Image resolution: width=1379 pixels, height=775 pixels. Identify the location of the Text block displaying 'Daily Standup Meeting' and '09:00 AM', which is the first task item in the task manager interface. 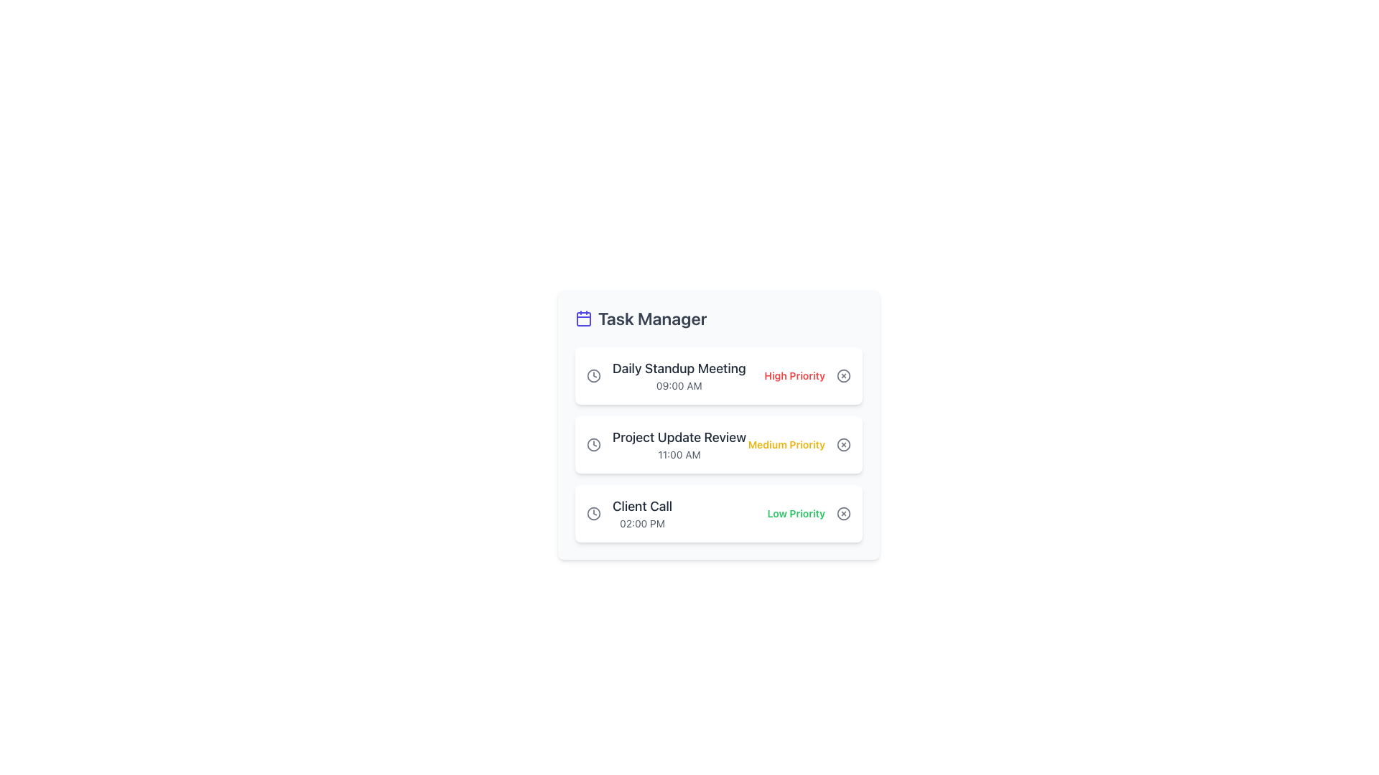
(678, 375).